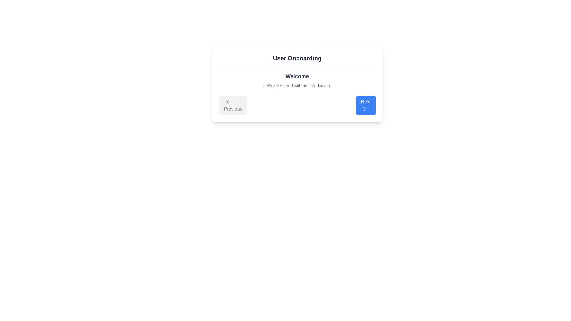 Image resolution: width=571 pixels, height=321 pixels. What do you see at coordinates (365, 105) in the screenshot?
I see `the 'Next' button` at bounding box center [365, 105].